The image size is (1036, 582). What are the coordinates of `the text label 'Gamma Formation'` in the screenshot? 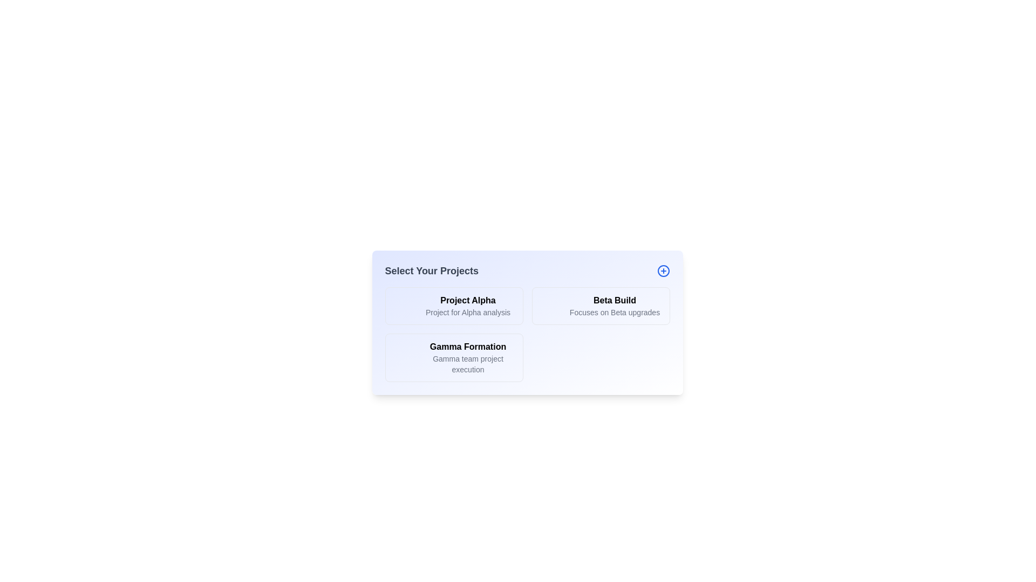 It's located at (468, 347).